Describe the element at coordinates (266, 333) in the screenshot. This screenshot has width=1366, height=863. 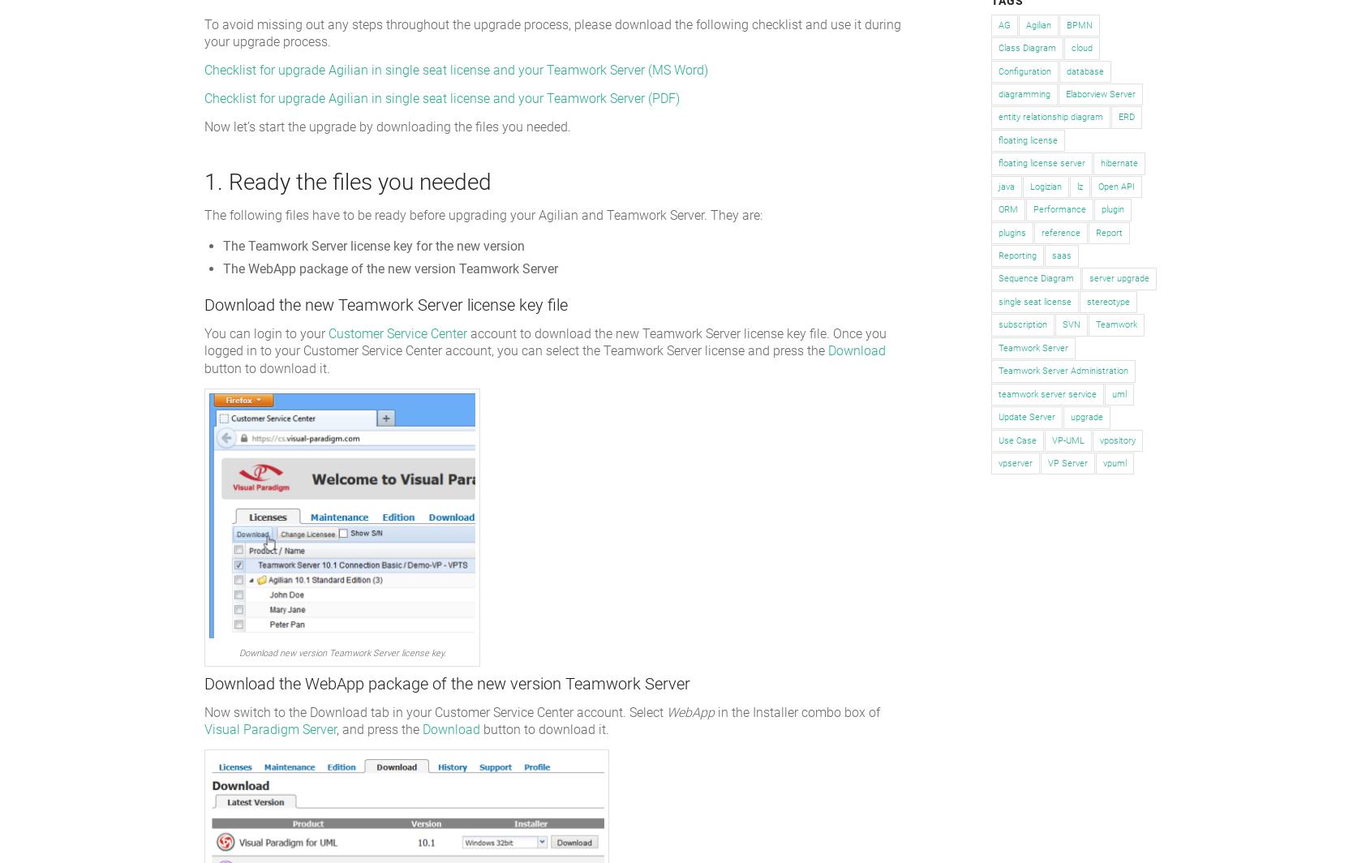
I see `'You can login to your'` at that location.